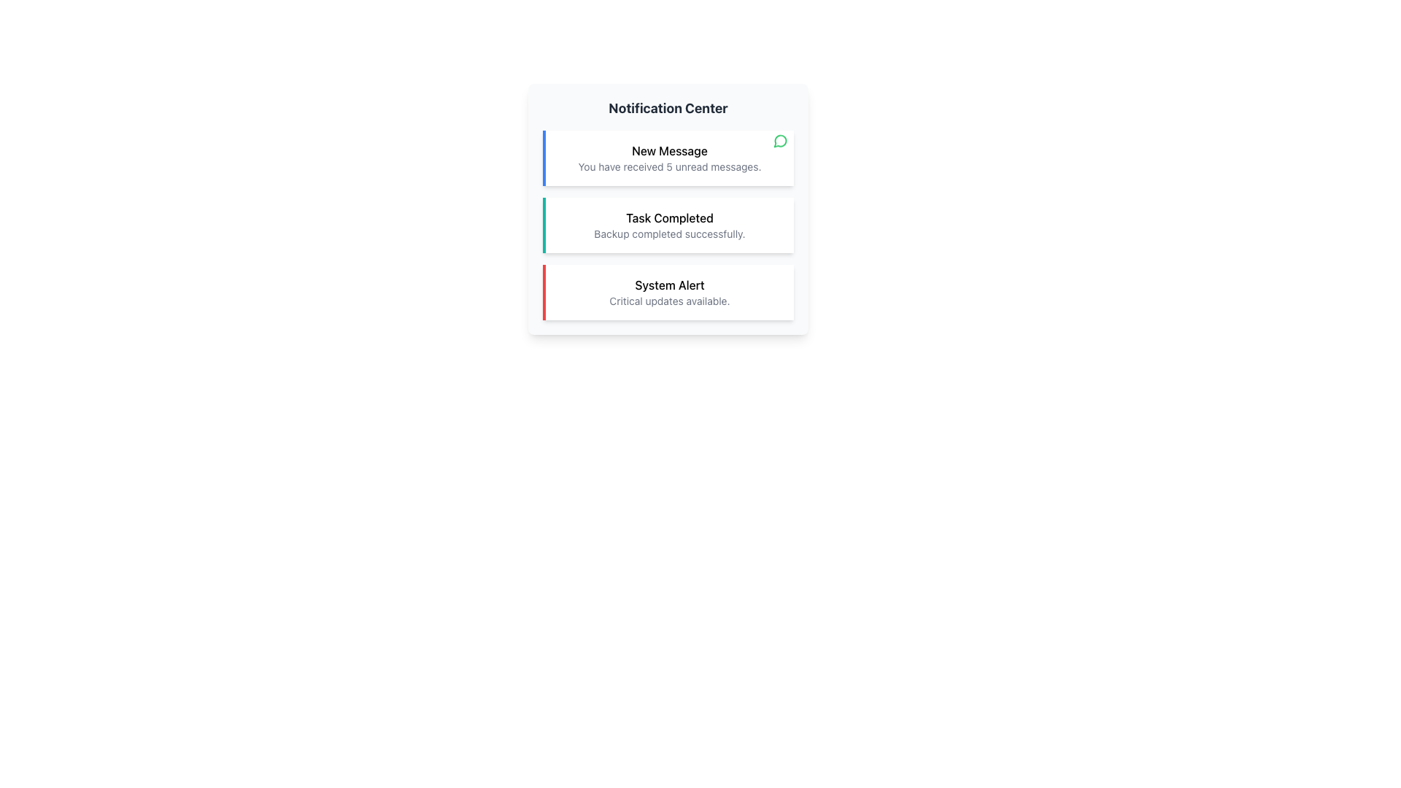 The height and width of the screenshot is (788, 1401). What do you see at coordinates (780, 142) in the screenshot?
I see `the Animated Icon in the upper-right corner of the notification card labeled 'Notification Center', which indicates new messages or notifications` at bounding box center [780, 142].